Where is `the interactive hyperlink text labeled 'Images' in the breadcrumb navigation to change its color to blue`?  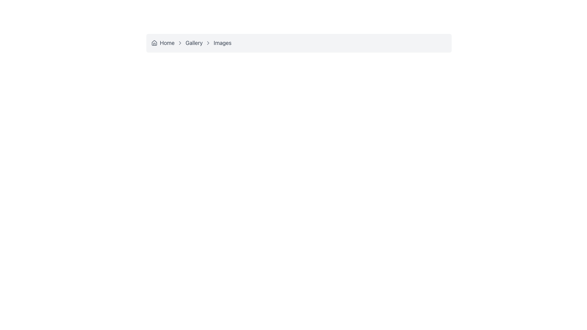 the interactive hyperlink text labeled 'Images' in the breadcrumb navigation to change its color to blue is located at coordinates (222, 43).